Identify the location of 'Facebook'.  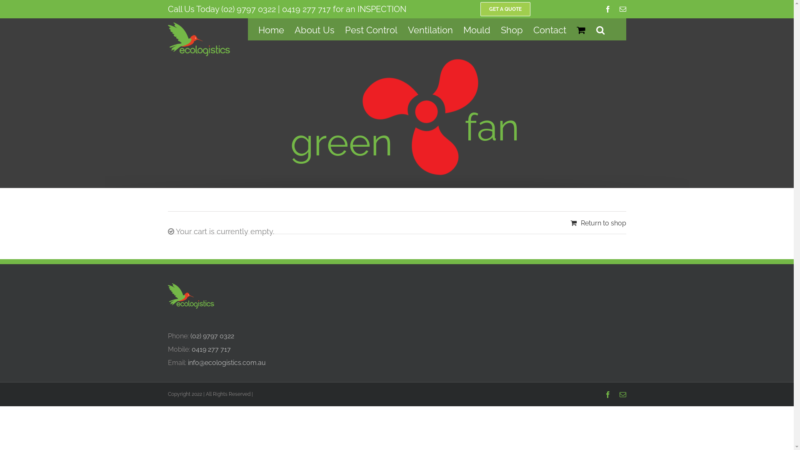
(607, 9).